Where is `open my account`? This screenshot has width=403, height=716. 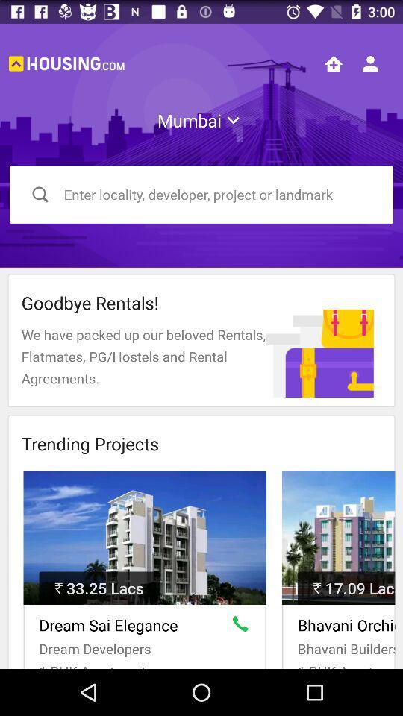
open my account is located at coordinates (369, 63).